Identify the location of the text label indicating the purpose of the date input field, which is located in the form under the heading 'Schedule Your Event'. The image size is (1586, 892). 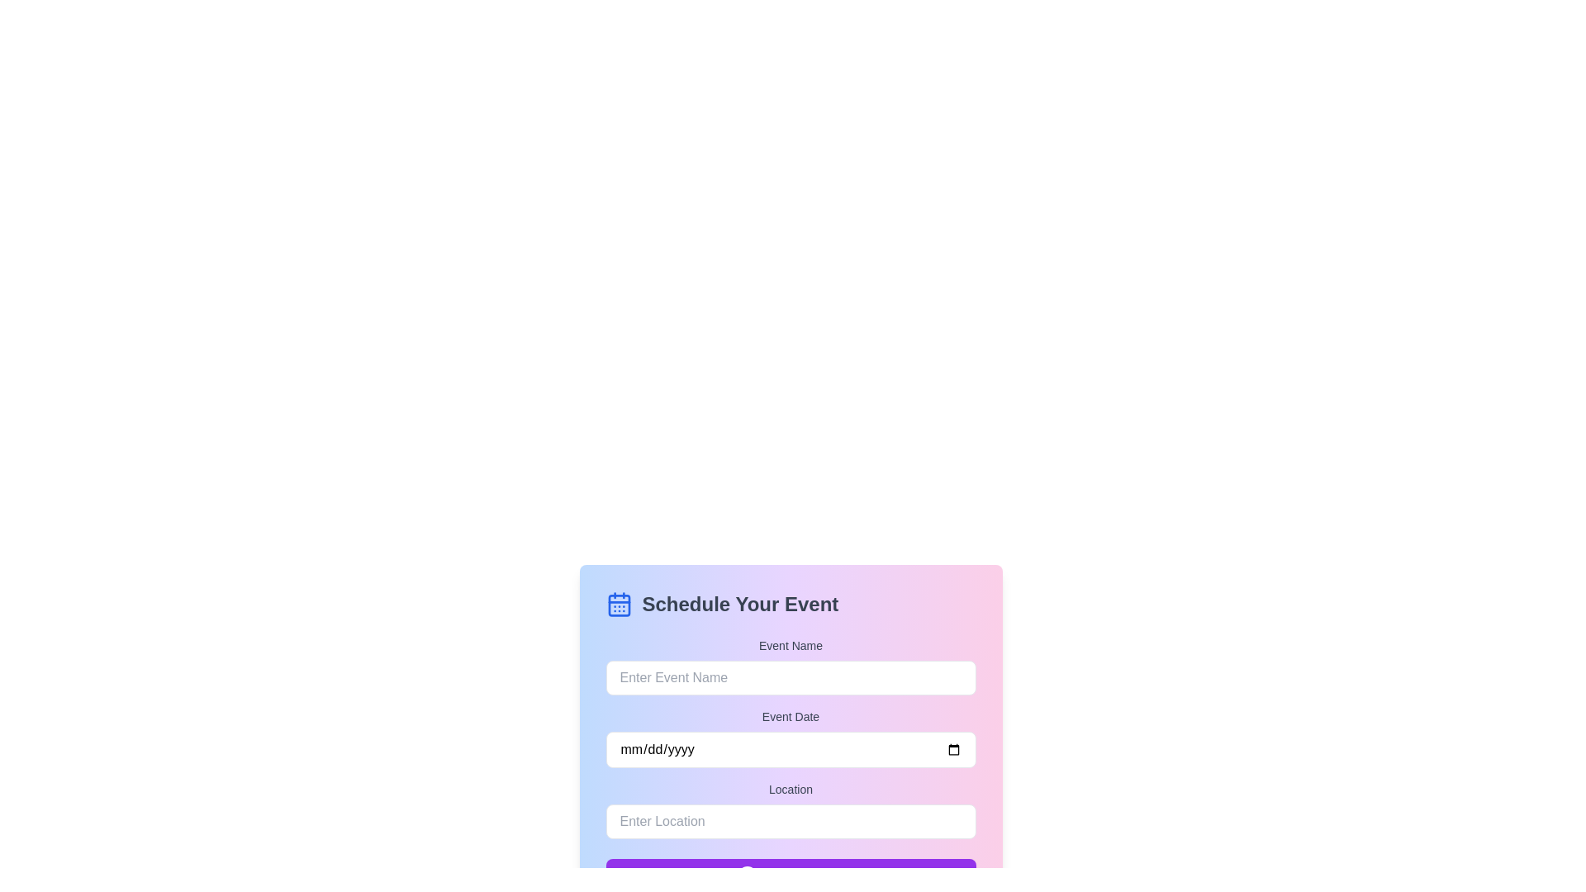
(790, 715).